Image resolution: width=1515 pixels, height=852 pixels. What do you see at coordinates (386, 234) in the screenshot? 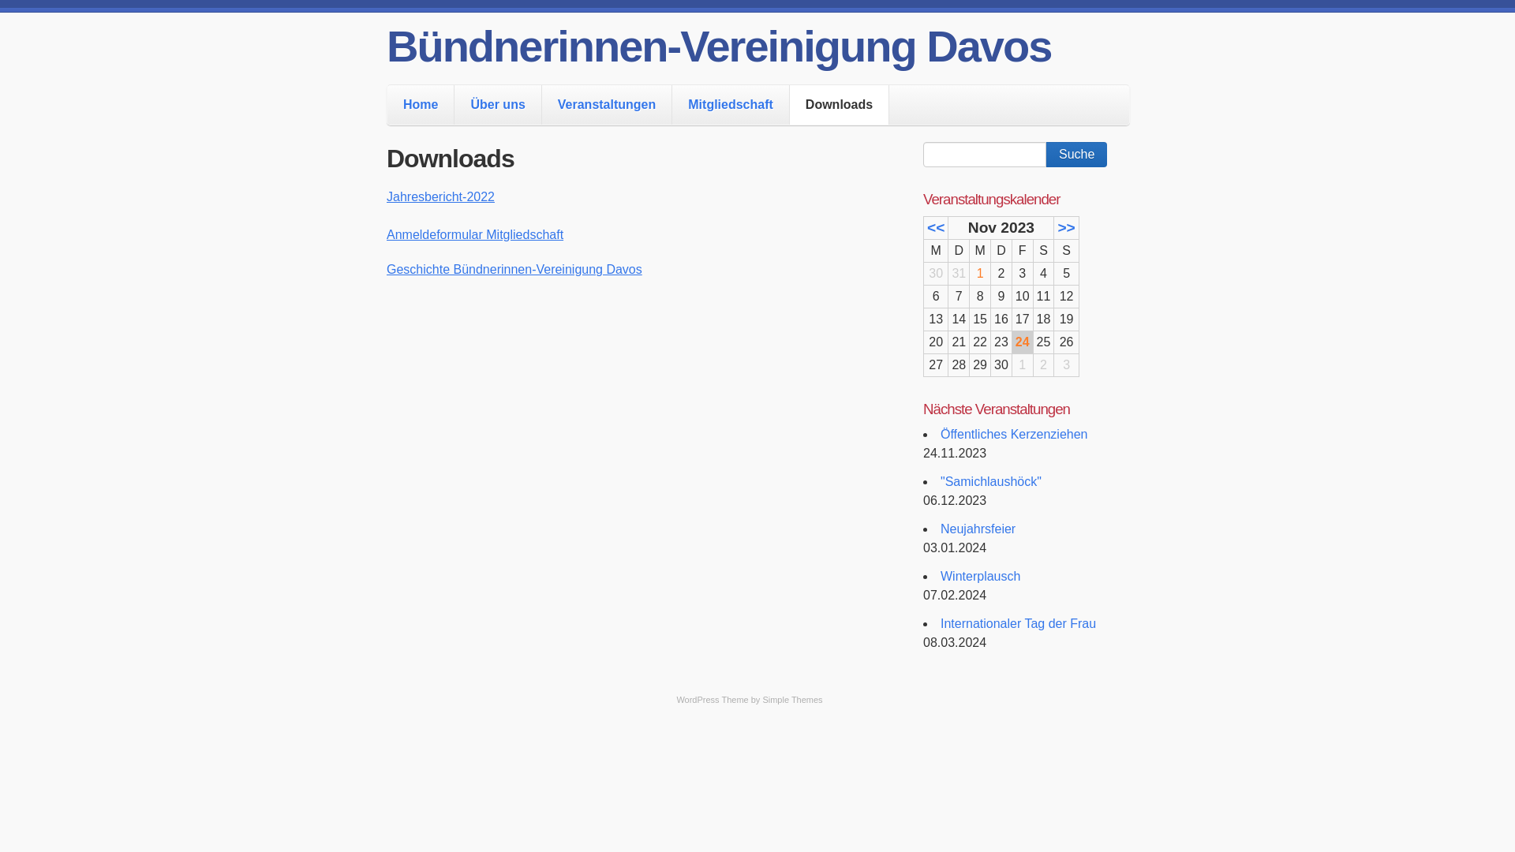
I see `'Anmeldeformular Mitgliedschaft'` at bounding box center [386, 234].